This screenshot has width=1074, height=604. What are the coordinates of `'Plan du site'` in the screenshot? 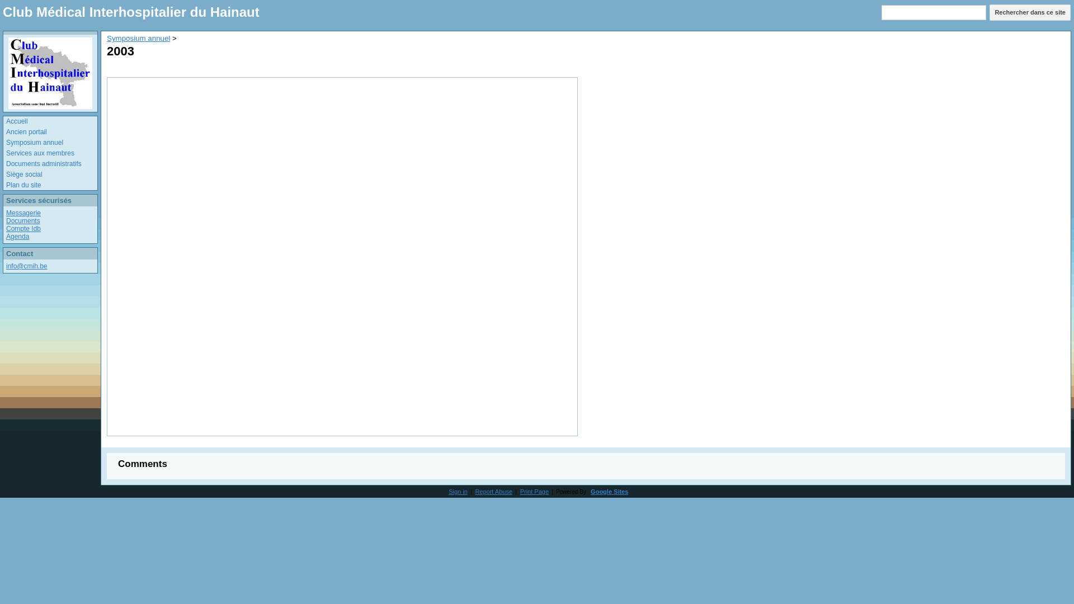 It's located at (51, 185).